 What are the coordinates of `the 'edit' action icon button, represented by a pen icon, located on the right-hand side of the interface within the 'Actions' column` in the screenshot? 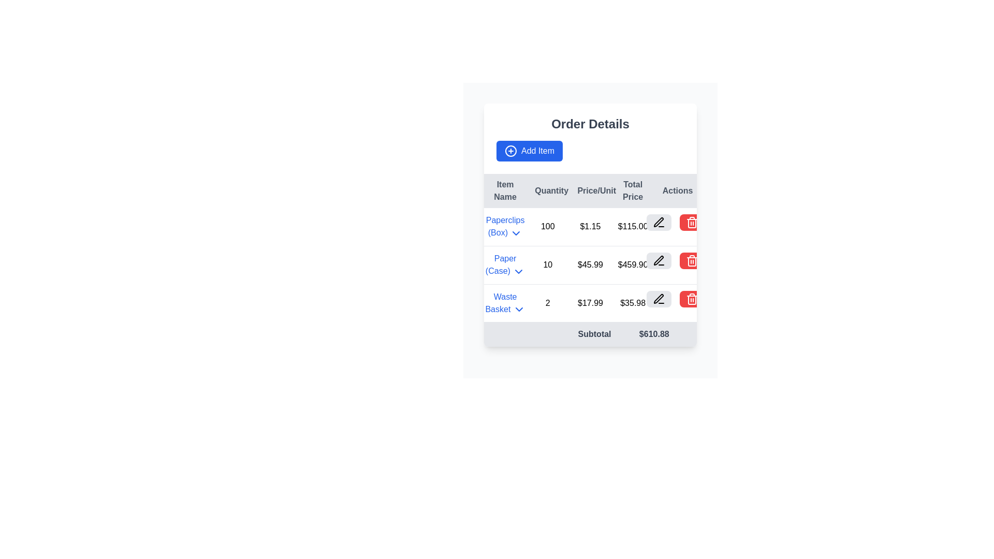 It's located at (658, 299).